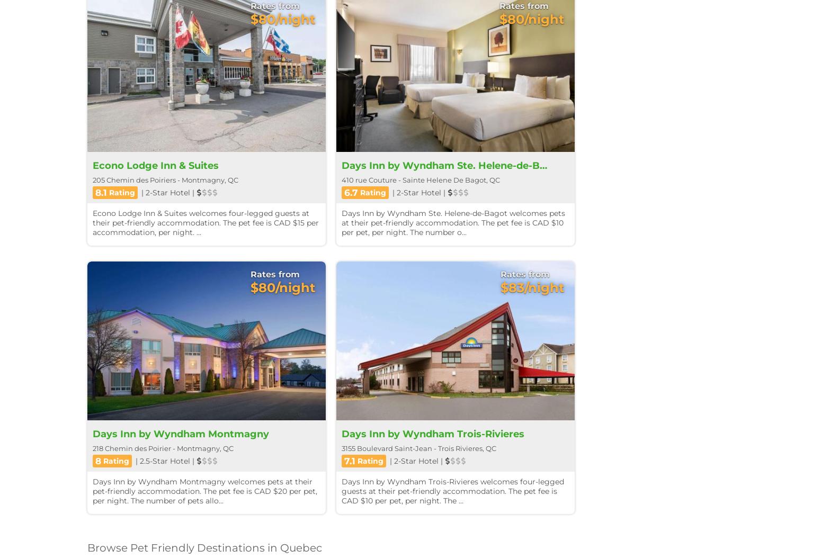 Image resolution: width=821 pixels, height=559 pixels. What do you see at coordinates (369, 178) in the screenshot?
I see `'410 rue Couture'` at bounding box center [369, 178].